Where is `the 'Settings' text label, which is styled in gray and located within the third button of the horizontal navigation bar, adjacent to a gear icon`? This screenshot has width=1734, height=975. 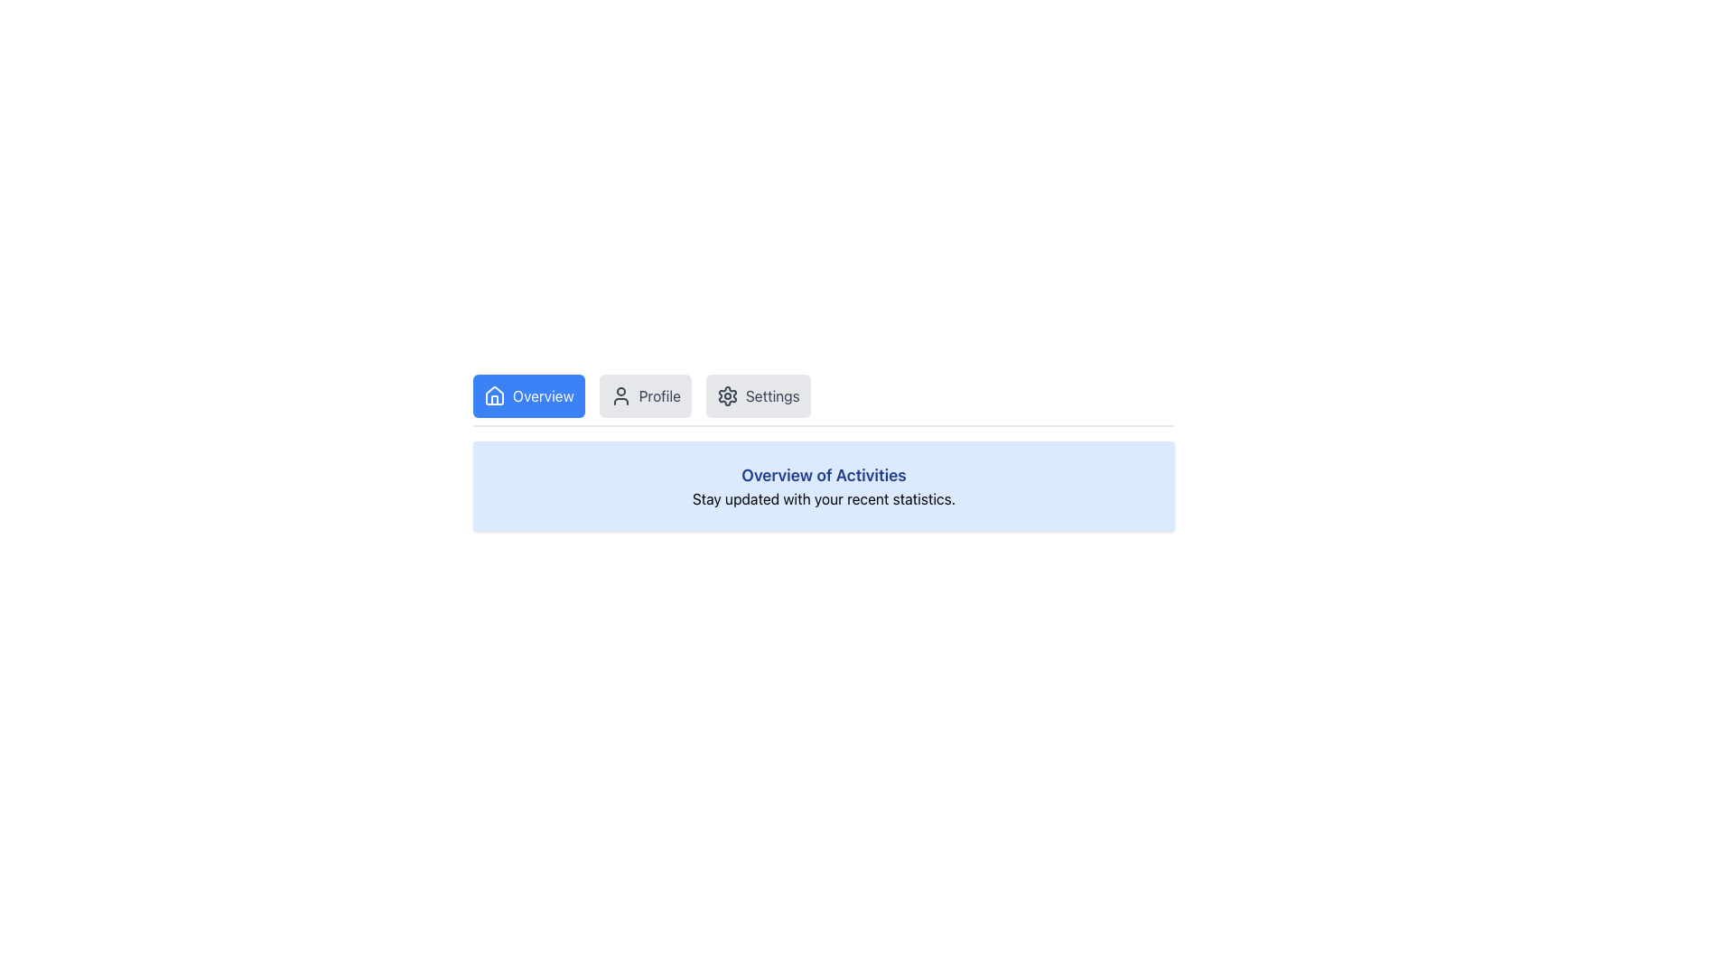 the 'Settings' text label, which is styled in gray and located within the third button of the horizontal navigation bar, adjacent to a gear icon is located at coordinates (772, 395).